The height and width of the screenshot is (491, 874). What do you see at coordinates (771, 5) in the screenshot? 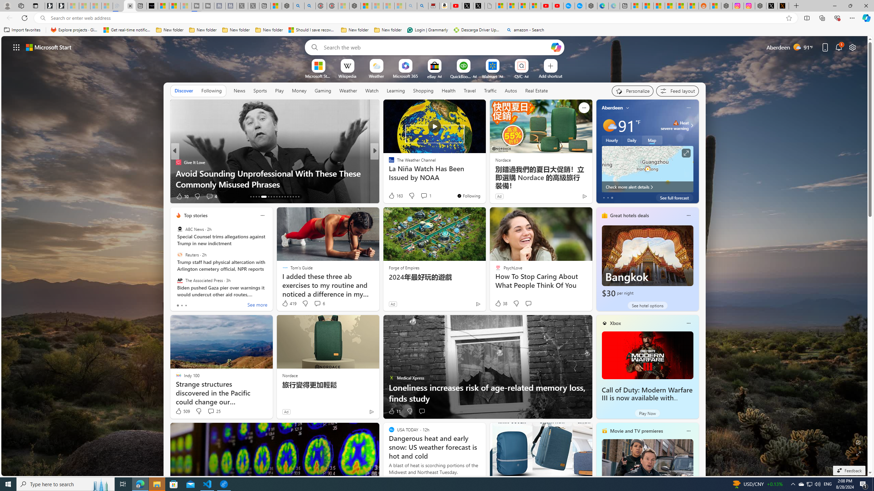
I see `'Nordace (@NordaceOfficial) / X'` at bounding box center [771, 5].